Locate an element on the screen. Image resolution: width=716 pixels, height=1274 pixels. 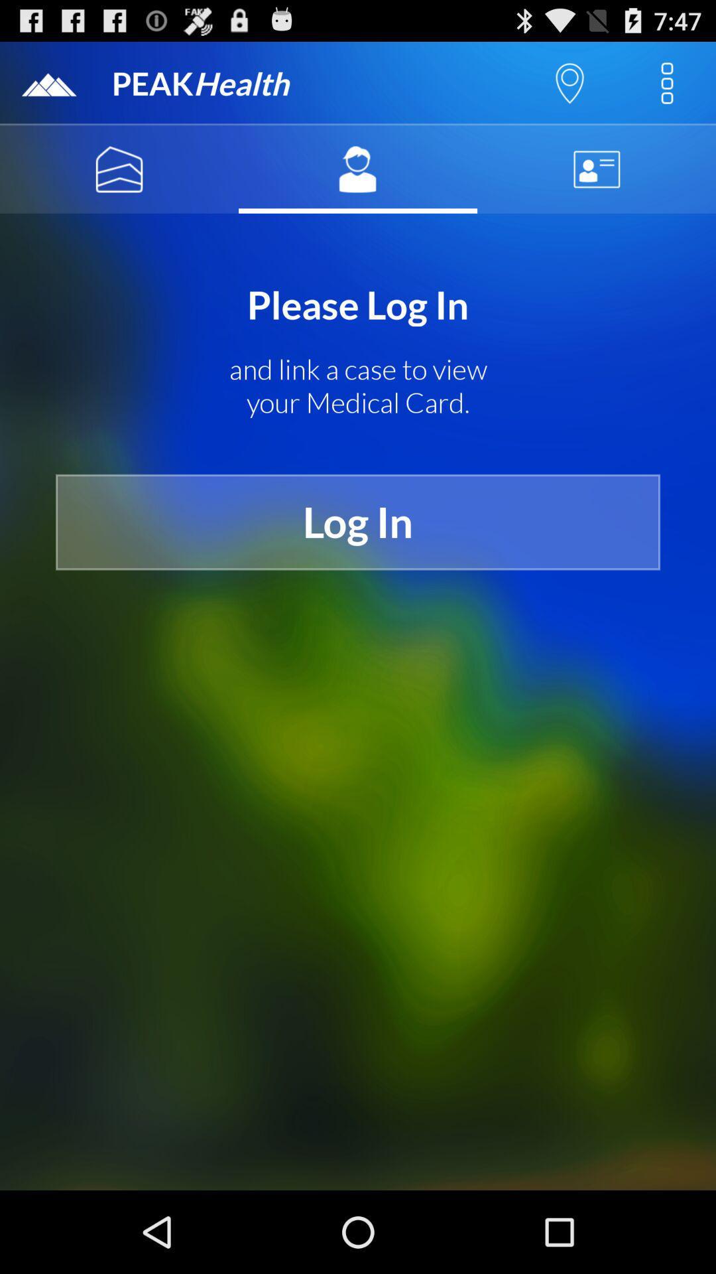
the item above please log in icon is located at coordinates (358, 169).